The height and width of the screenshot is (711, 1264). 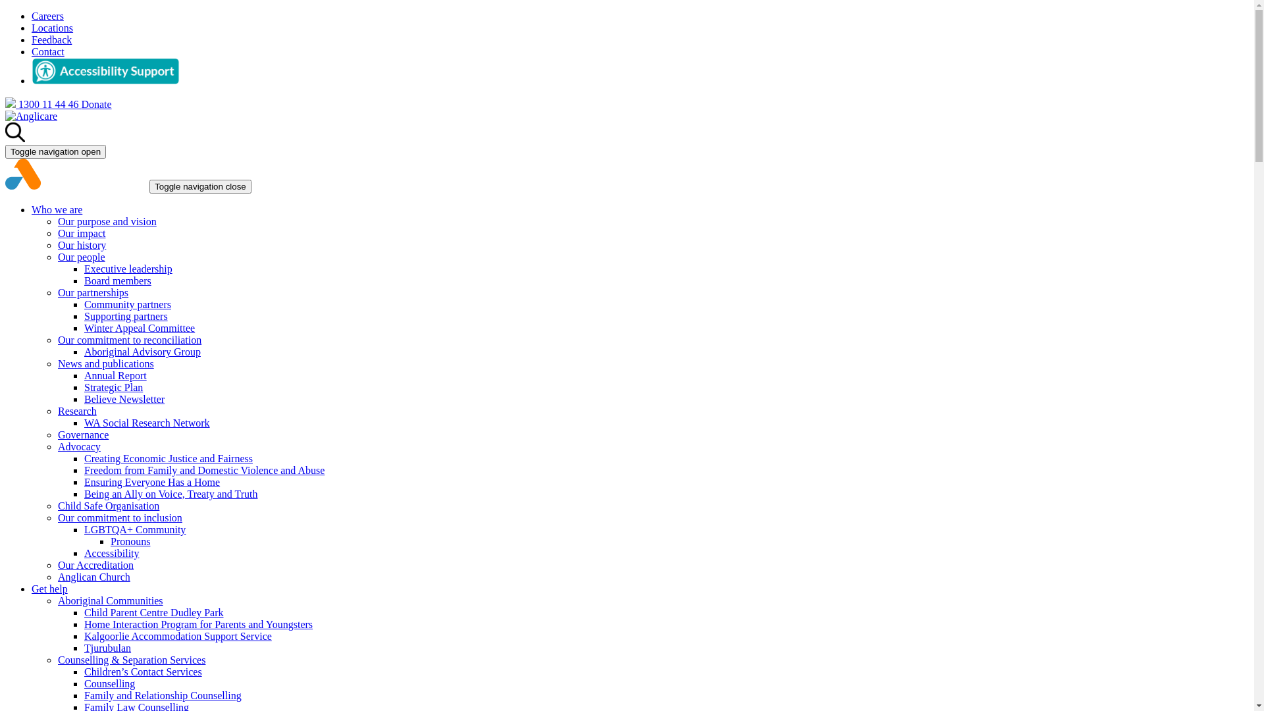 What do you see at coordinates (107, 647) in the screenshot?
I see `'Tjurubulan'` at bounding box center [107, 647].